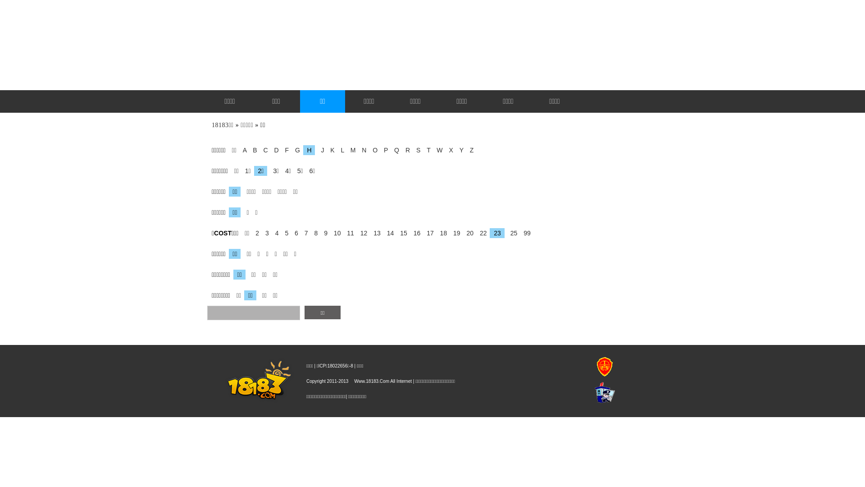  What do you see at coordinates (350, 149) in the screenshot?
I see `'M'` at bounding box center [350, 149].